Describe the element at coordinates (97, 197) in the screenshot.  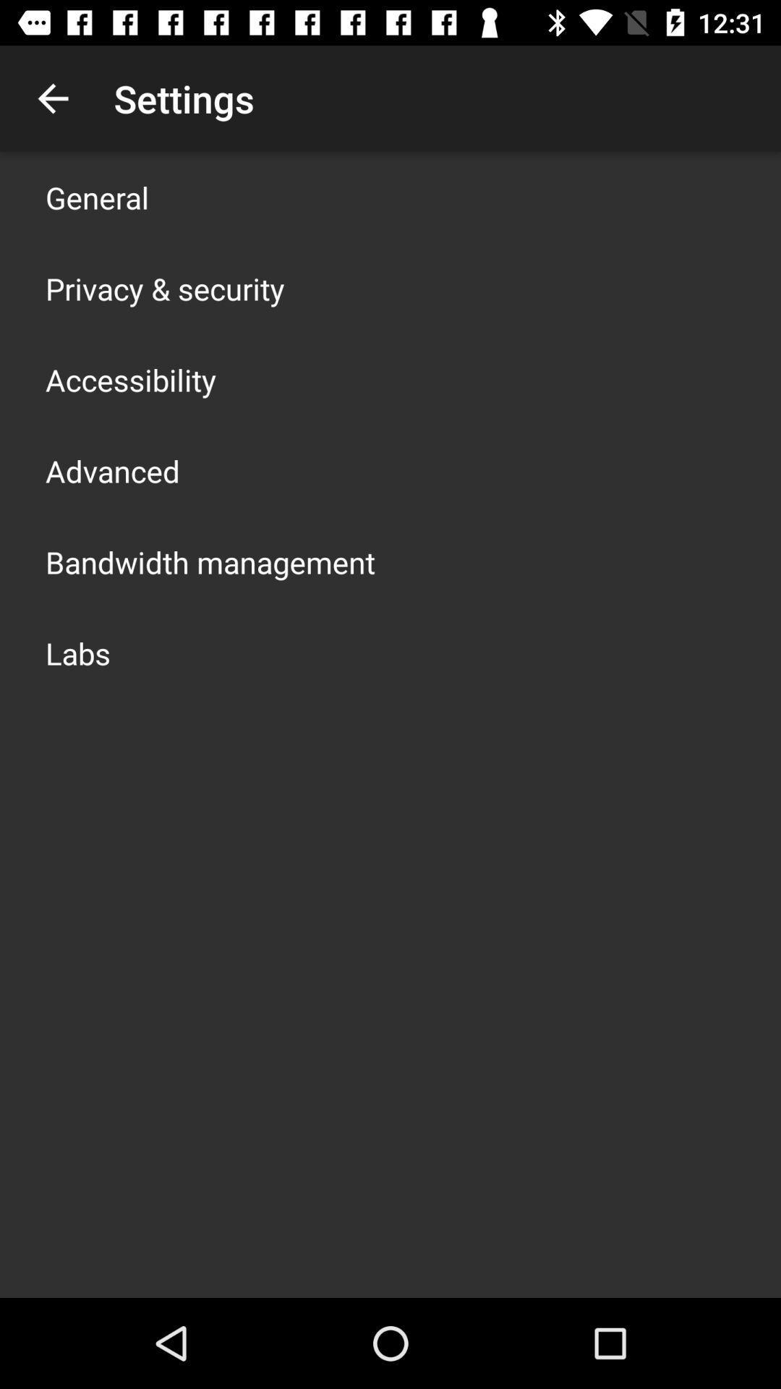
I see `the general icon` at that location.